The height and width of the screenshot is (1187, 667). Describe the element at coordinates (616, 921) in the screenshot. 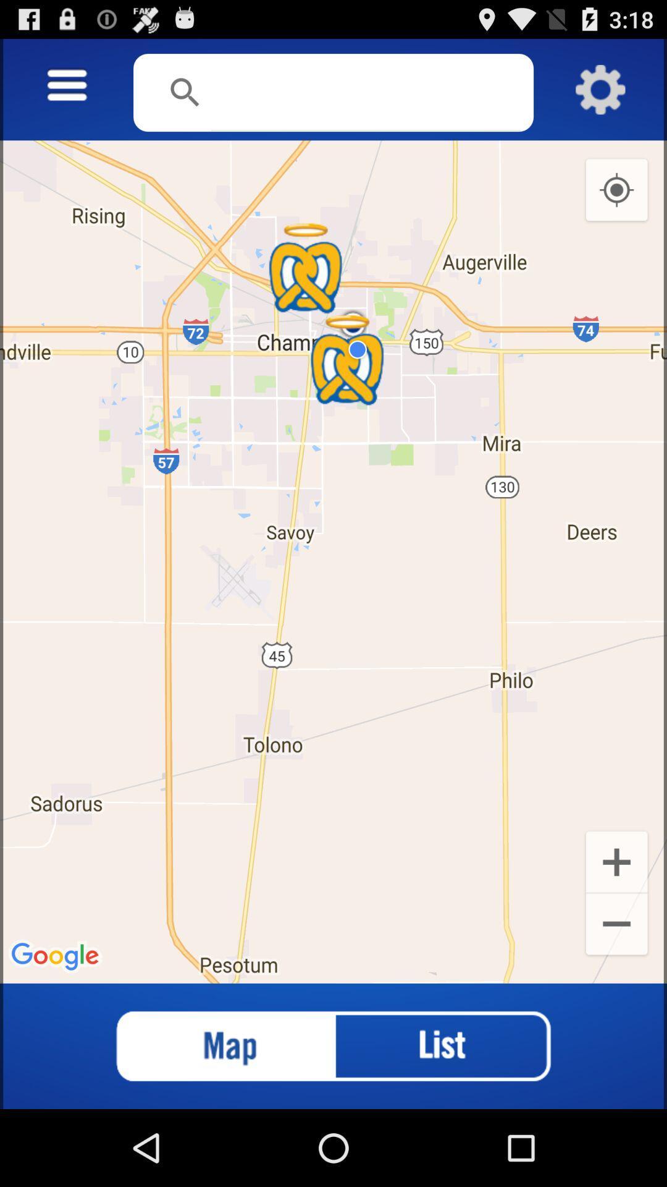

I see `the add icon` at that location.